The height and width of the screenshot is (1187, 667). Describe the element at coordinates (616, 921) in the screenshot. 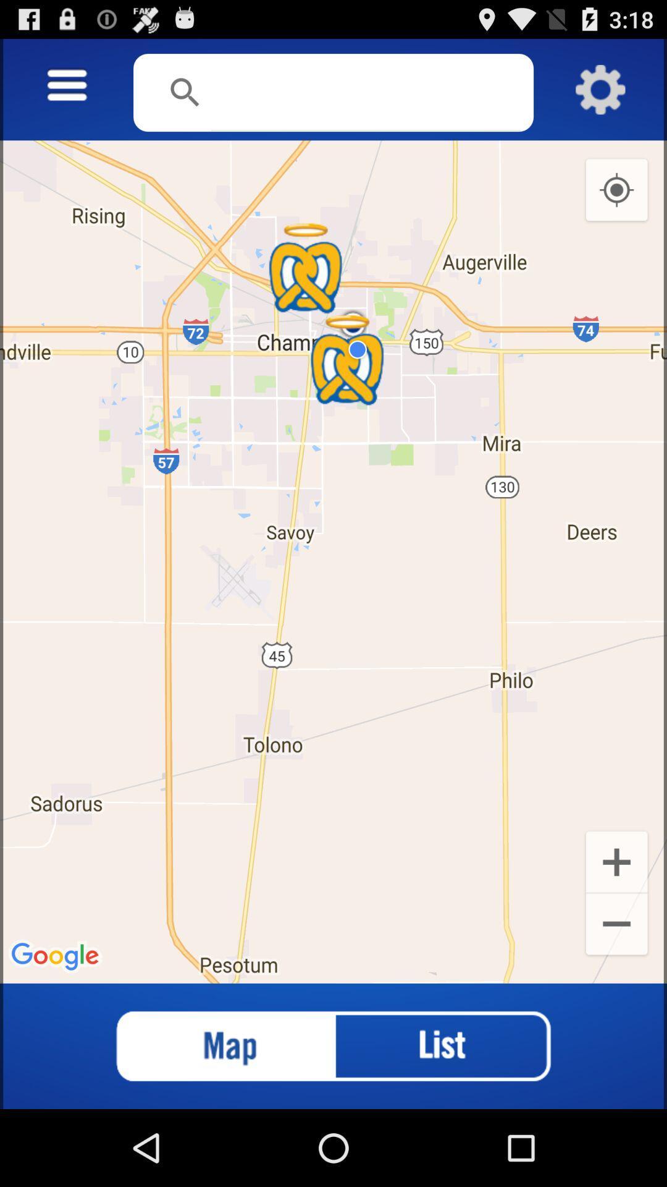

I see `the add icon` at that location.